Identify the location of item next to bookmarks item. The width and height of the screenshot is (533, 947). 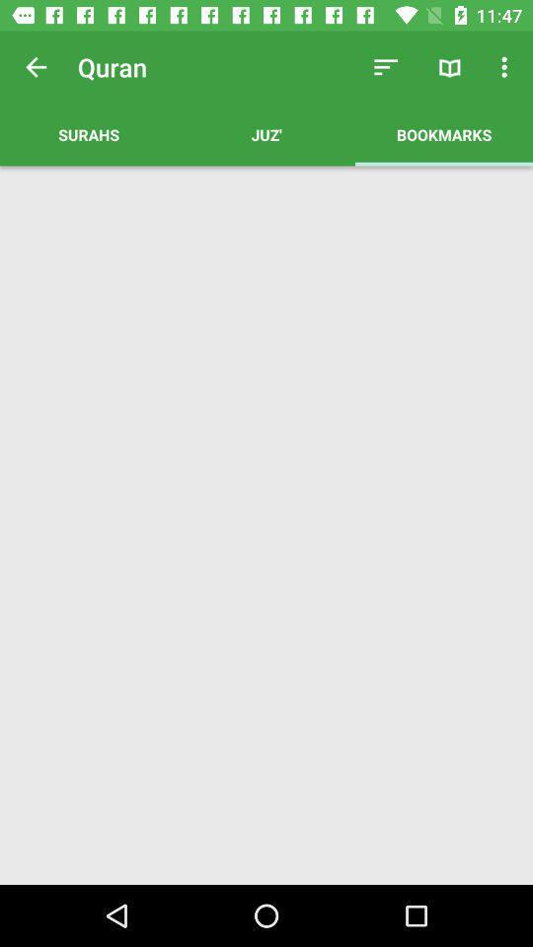
(266, 133).